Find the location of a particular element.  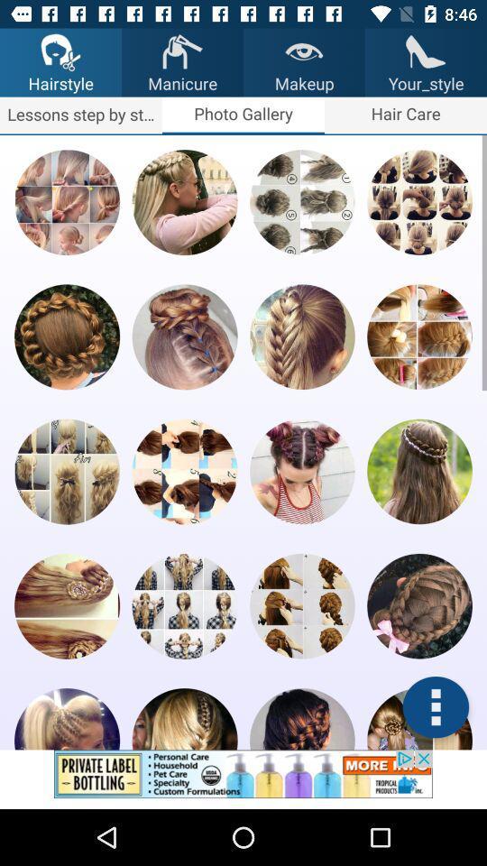

the more icon is located at coordinates (435, 707).